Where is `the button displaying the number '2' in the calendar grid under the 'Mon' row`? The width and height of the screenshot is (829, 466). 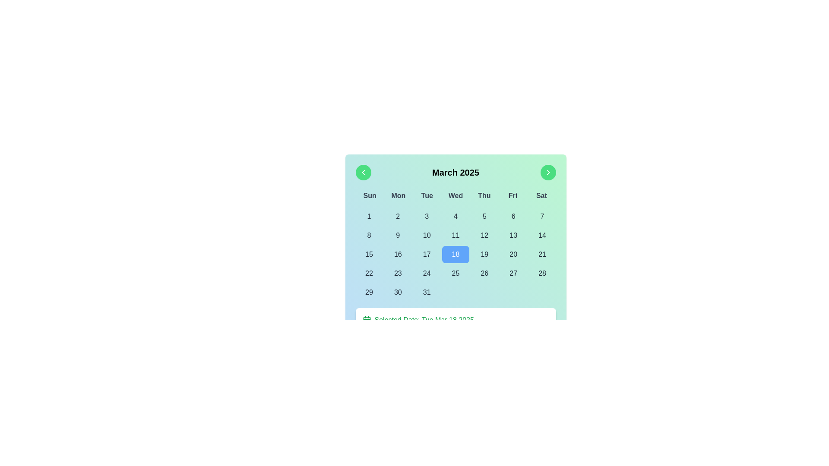 the button displaying the number '2' in the calendar grid under the 'Mon' row is located at coordinates (397, 216).